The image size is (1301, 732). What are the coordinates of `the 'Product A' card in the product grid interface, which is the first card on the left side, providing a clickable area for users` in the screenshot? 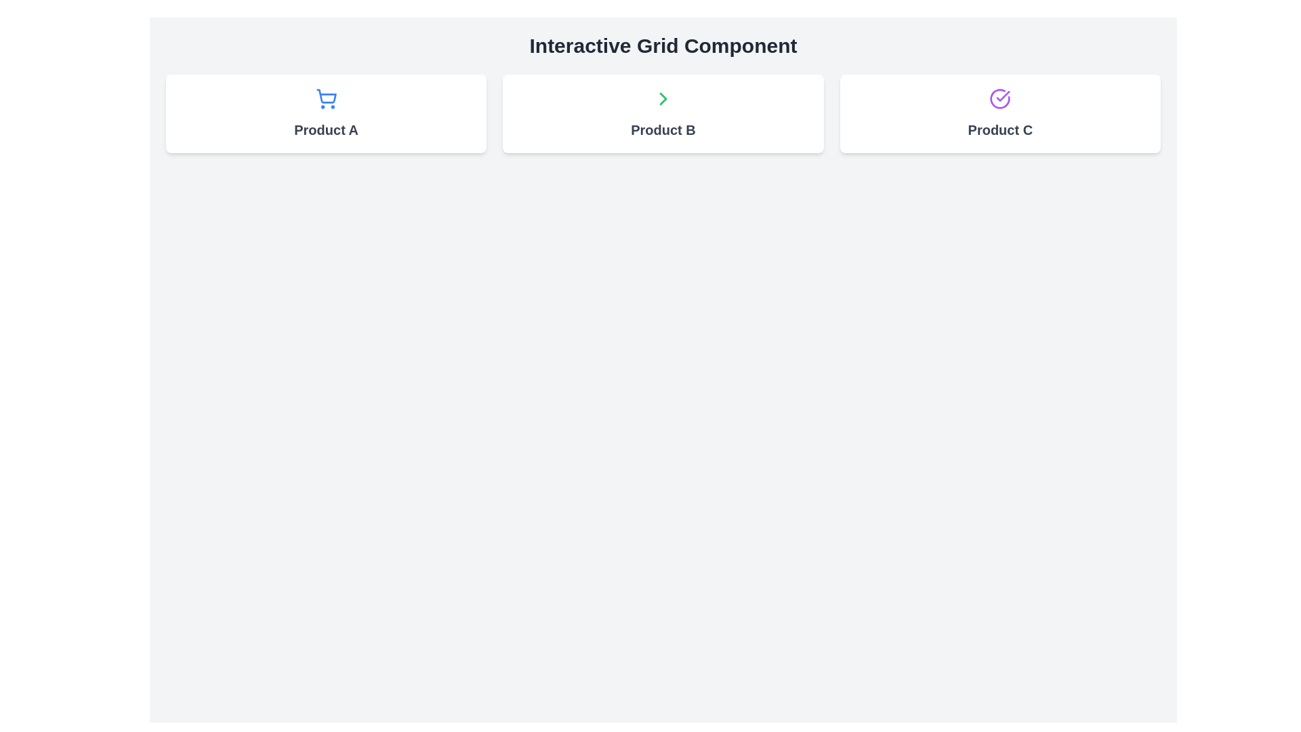 It's located at (326, 113).